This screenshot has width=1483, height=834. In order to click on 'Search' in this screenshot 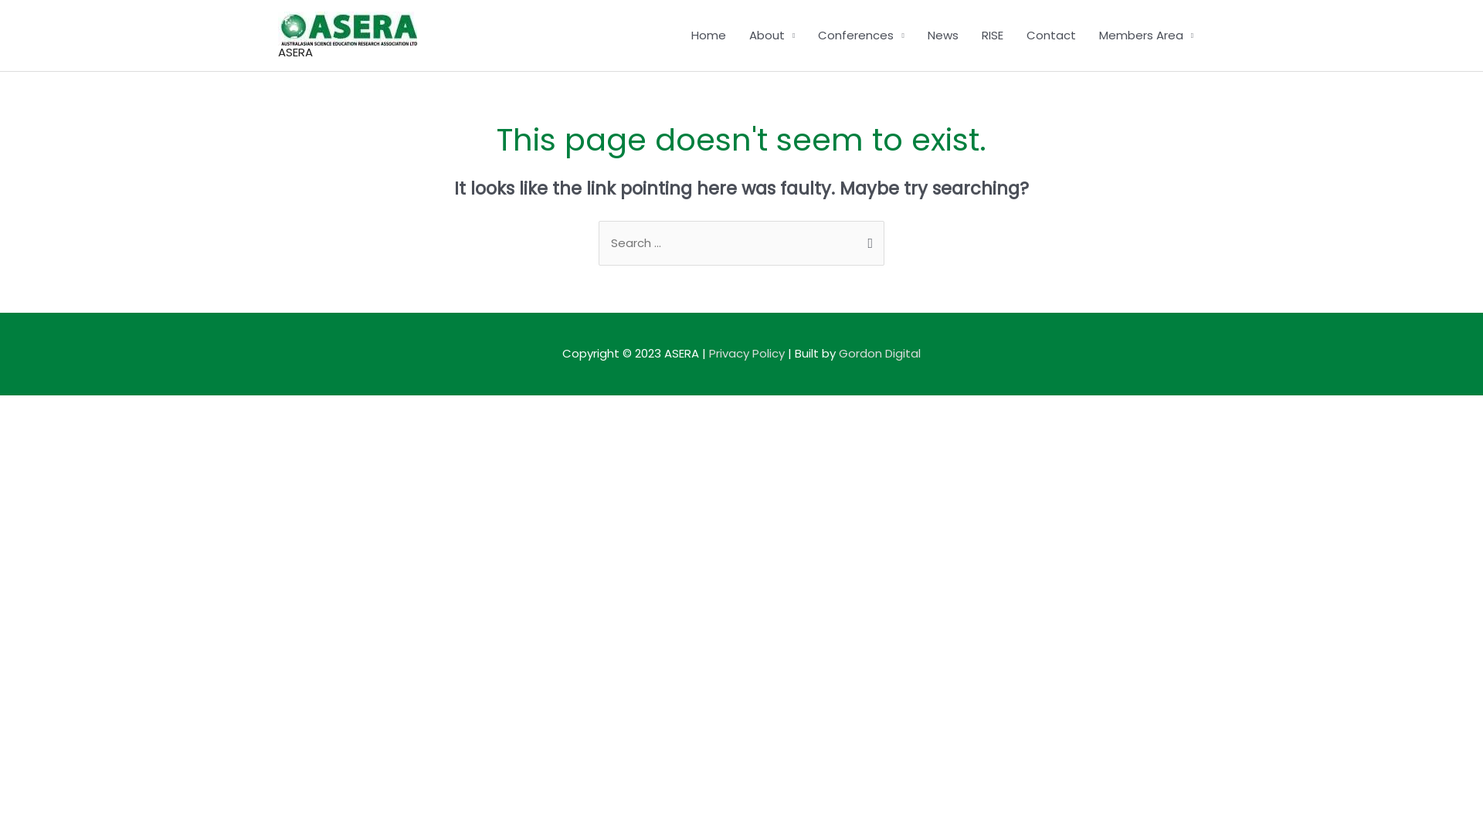, I will do `click(848, 241)`.